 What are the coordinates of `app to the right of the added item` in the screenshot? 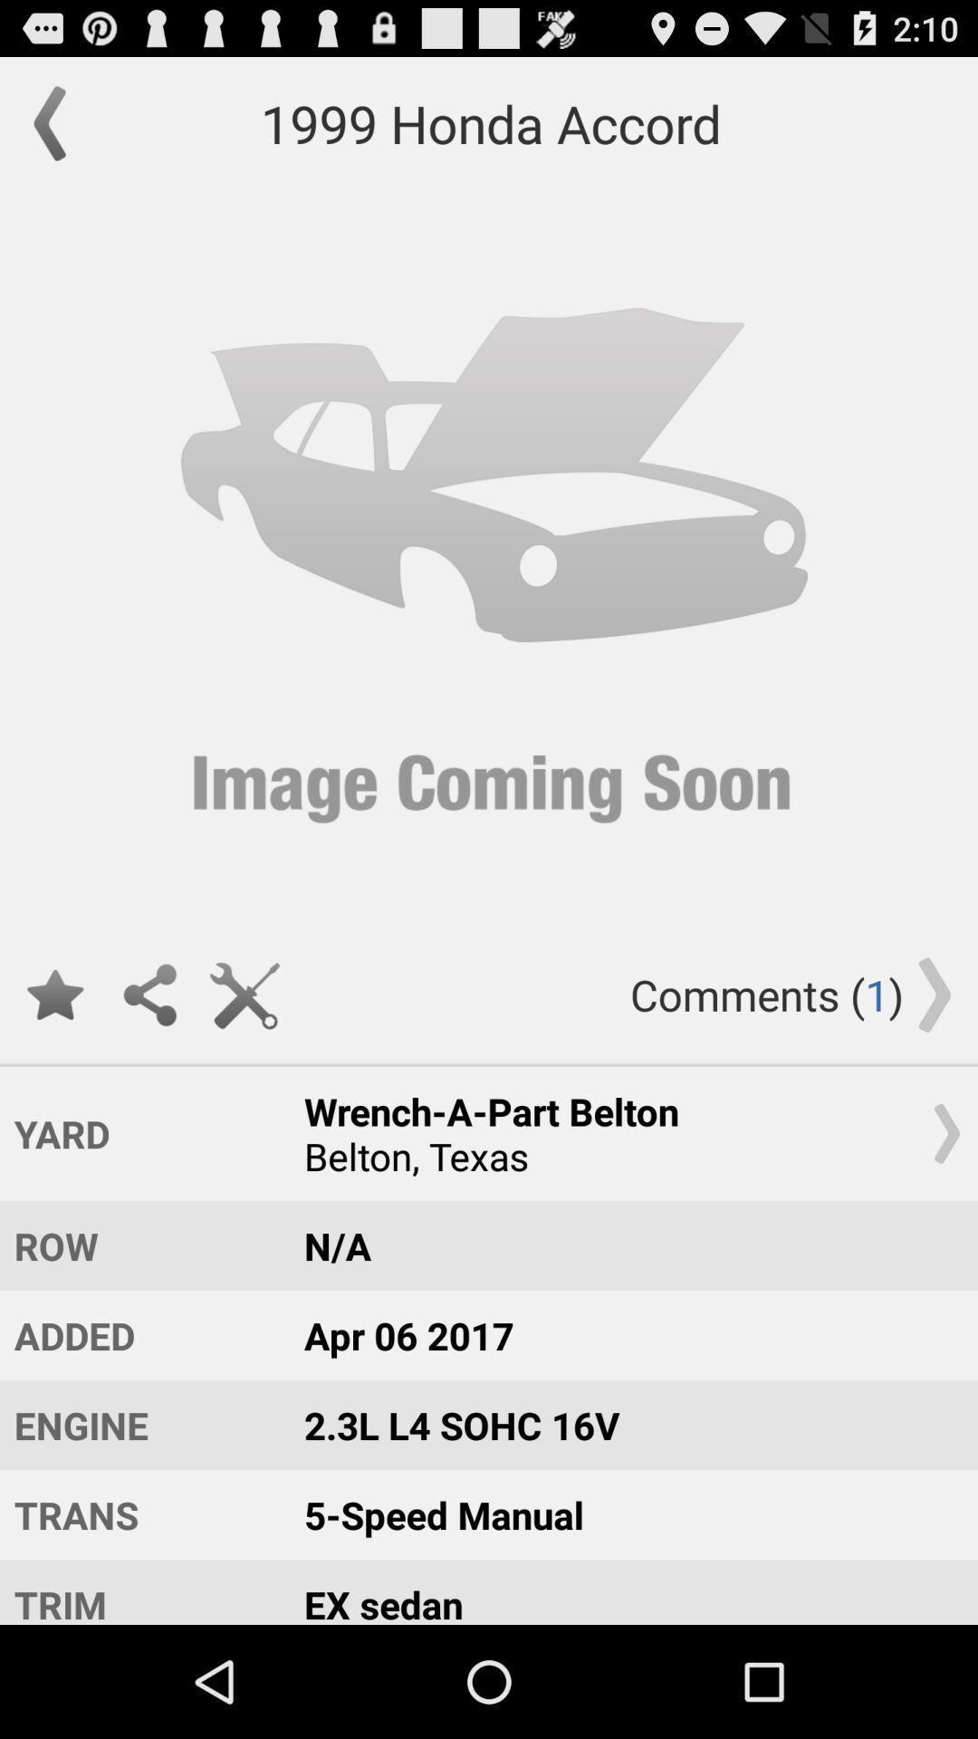 It's located at (623, 1424).